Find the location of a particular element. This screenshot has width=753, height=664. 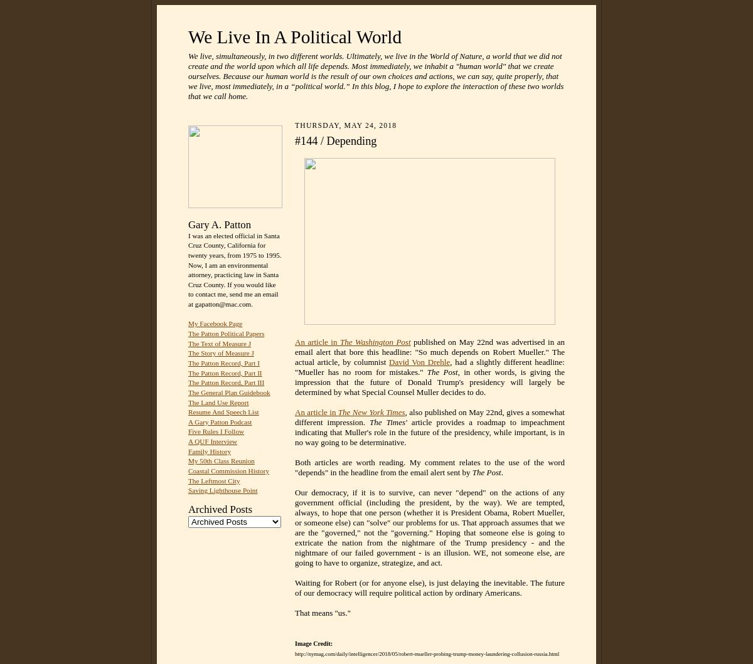

', also published on May 22nd, gives a somewhat different impression.' is located at coordinates (429, 417).